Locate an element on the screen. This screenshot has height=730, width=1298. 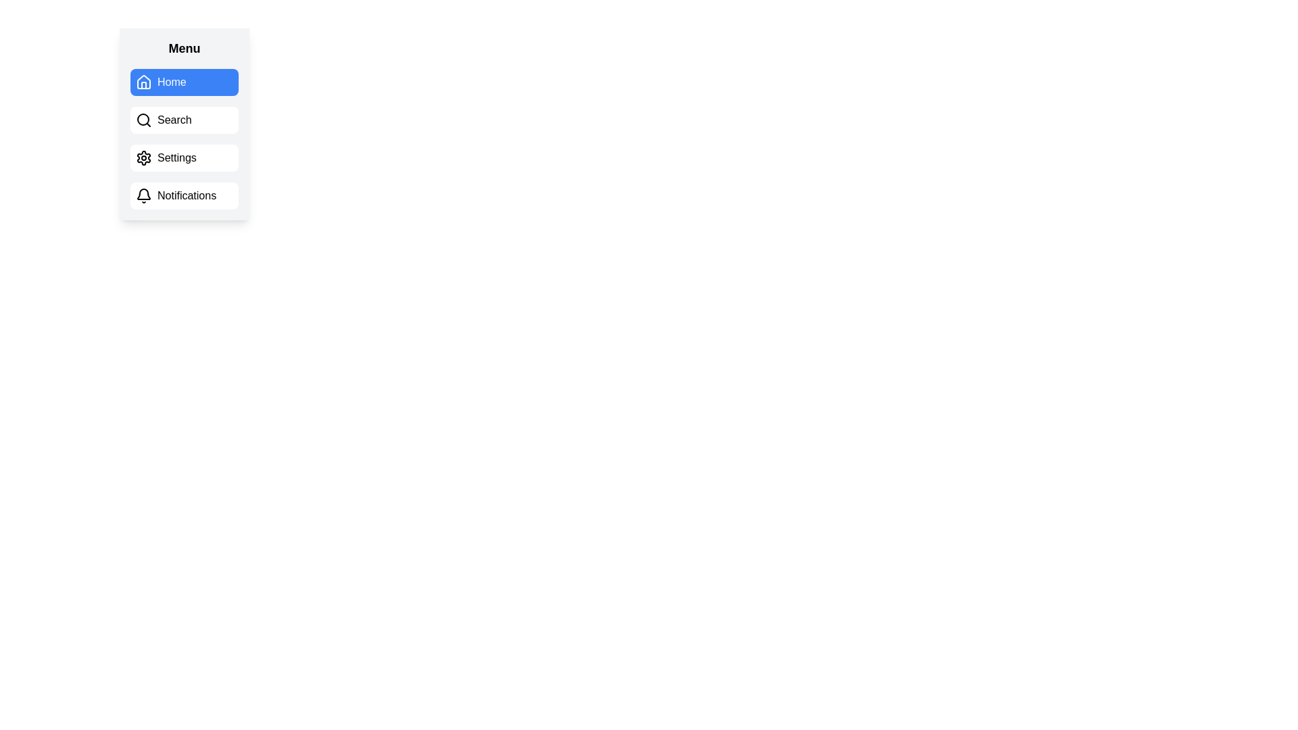
the 'Settings' menu item, which features a gear icon indicating settings-related functions, positioned as the third option in the menu layout is located at coordinates (143, 157).